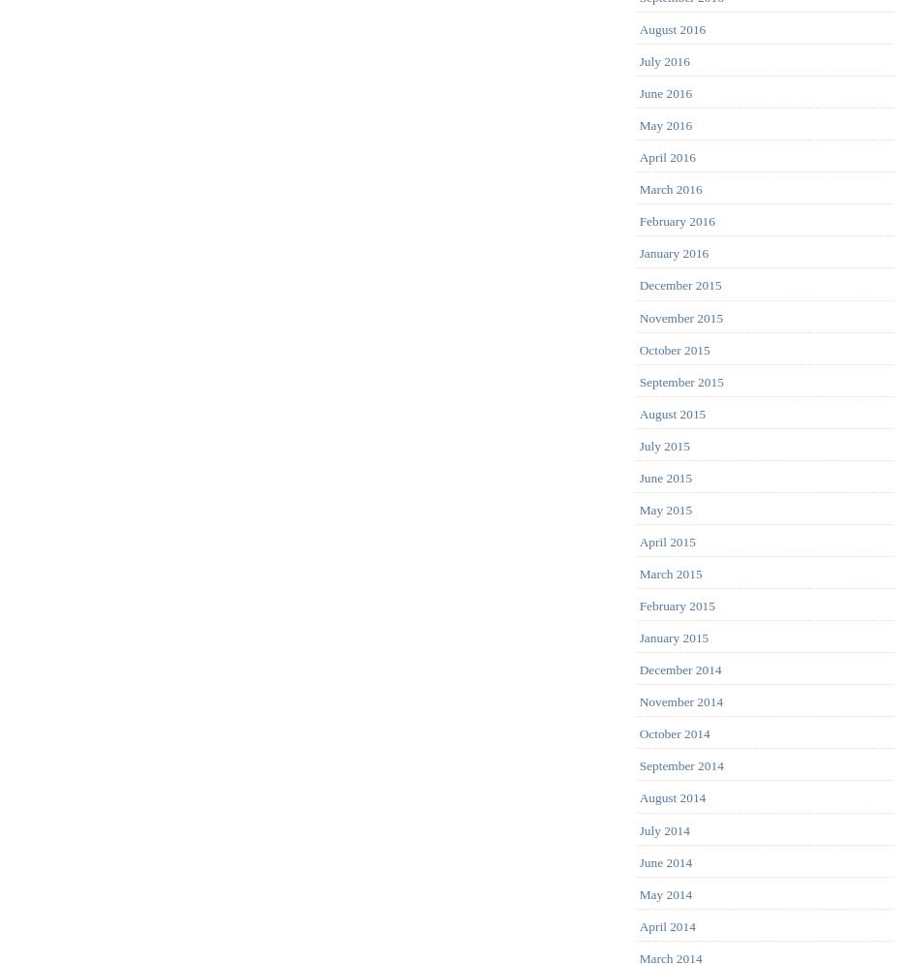  What do you see at coordinates (676, 220) in the screenshot?
I see `'February 2016'` at bounding box center [676, 220].